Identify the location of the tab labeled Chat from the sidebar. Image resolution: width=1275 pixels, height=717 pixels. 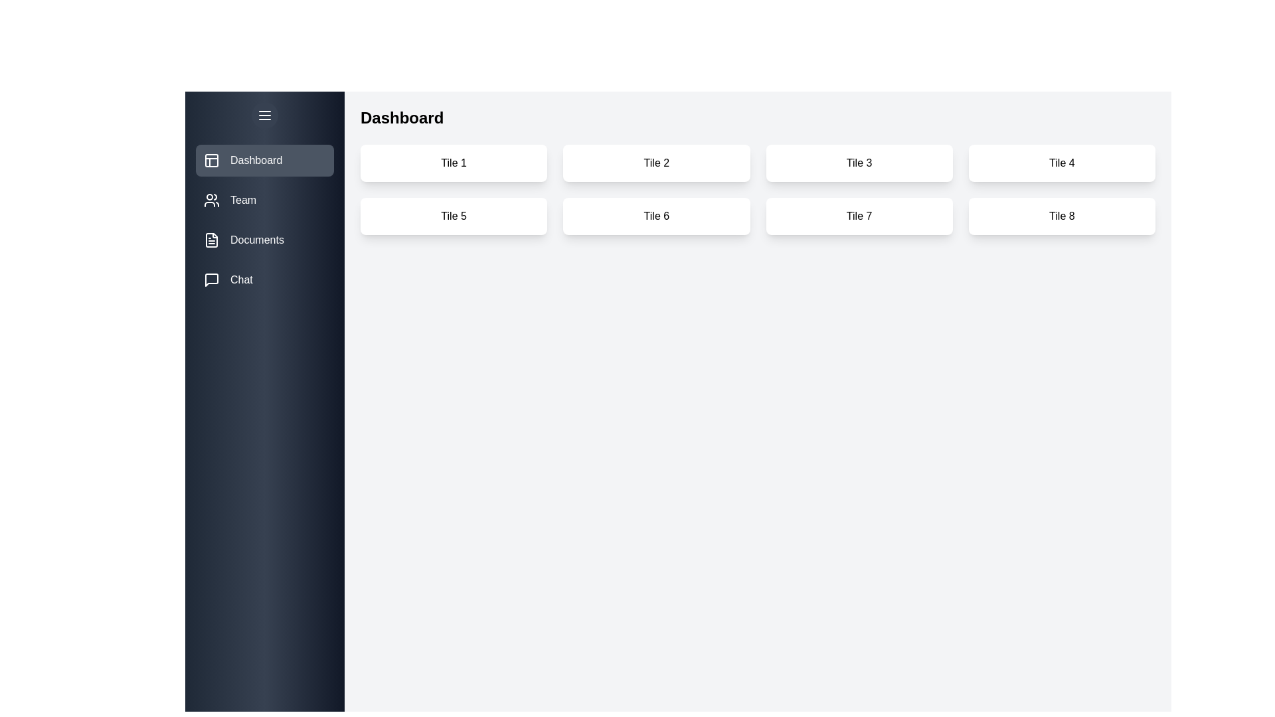
(264, 279).